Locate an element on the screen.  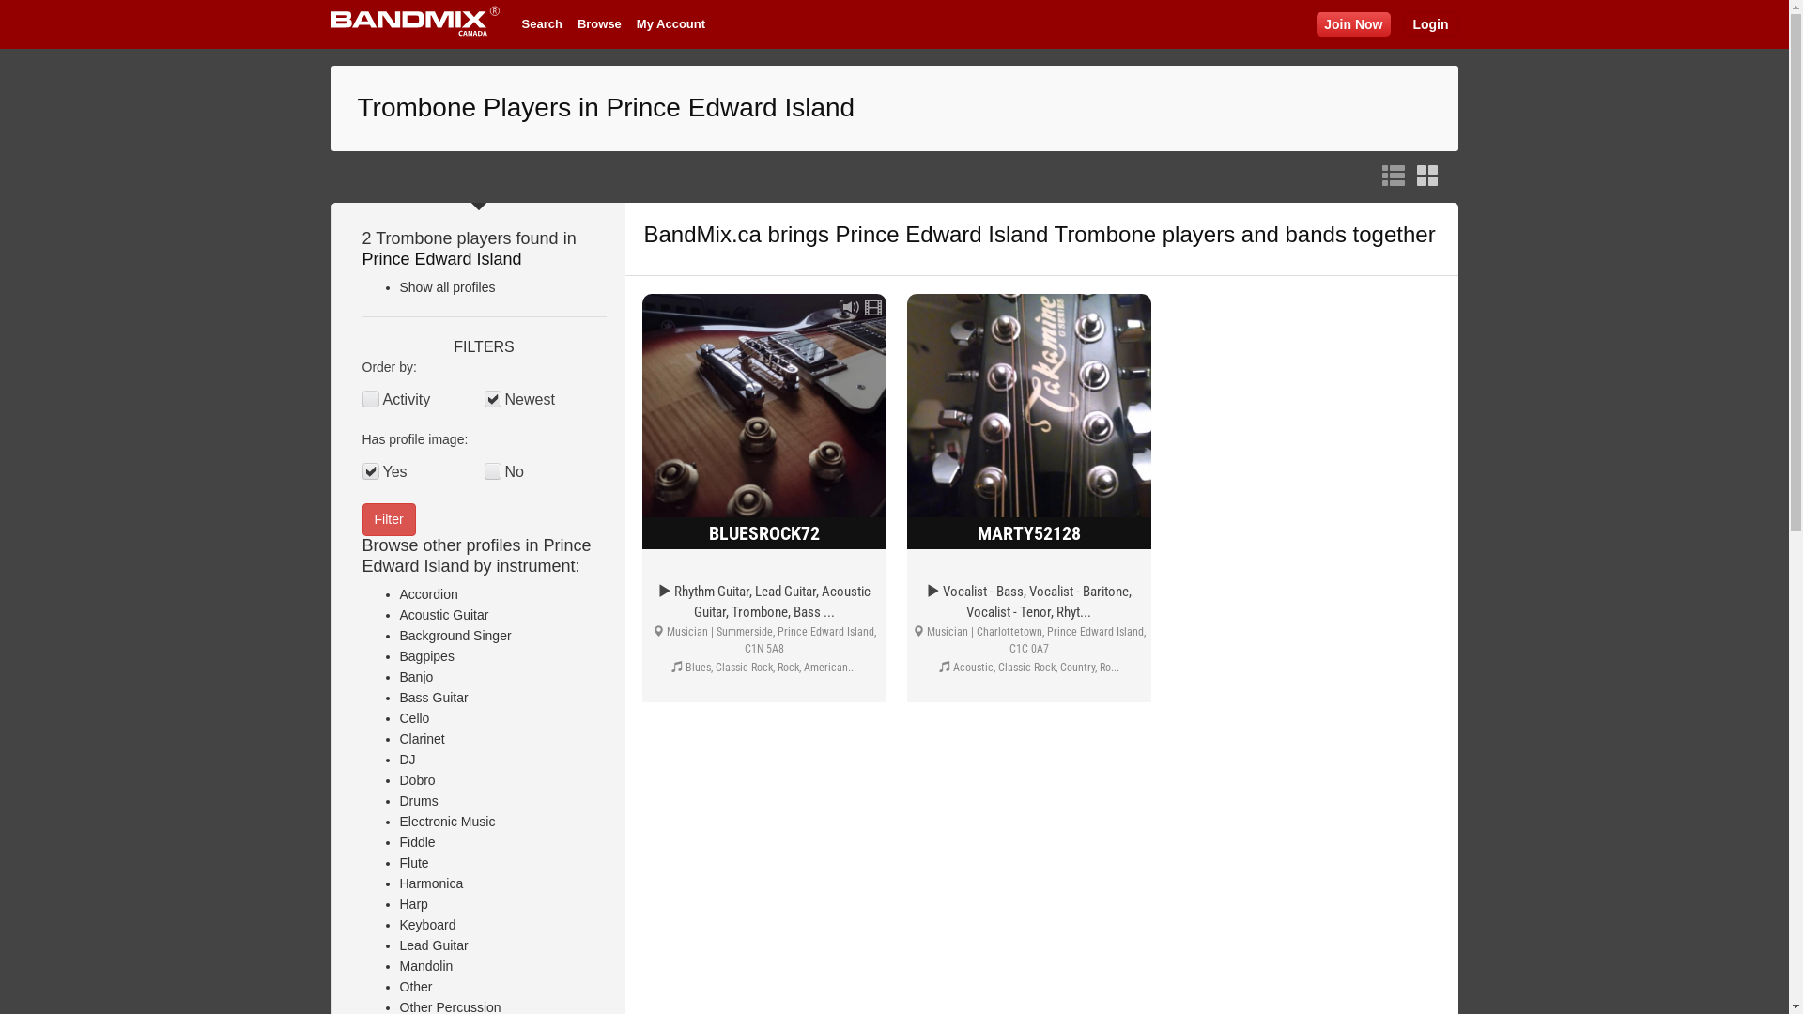
'Keyboard' is located at coordinates (399, 923).